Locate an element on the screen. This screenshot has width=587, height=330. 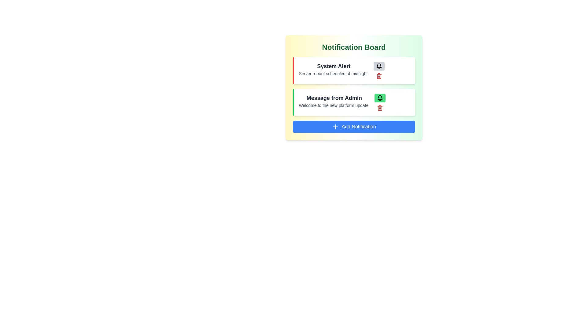
the 'Add Notification' button to initiate the process of adding a new notification is located at coordinates (354, 127).